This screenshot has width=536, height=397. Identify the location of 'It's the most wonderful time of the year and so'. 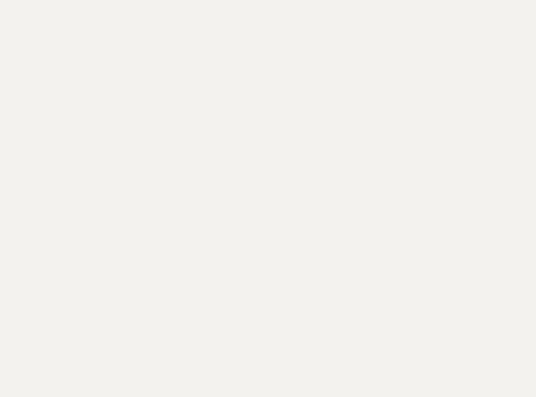
(204, 37).